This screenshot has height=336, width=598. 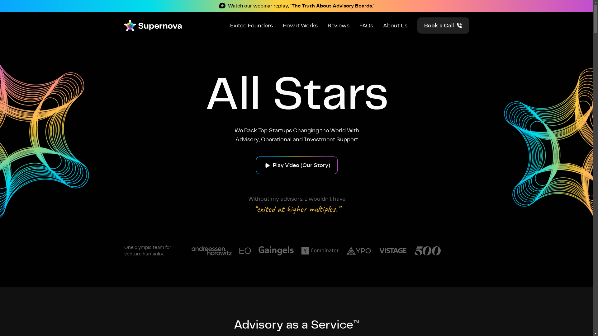 What do you see at coordinates (251, 25) in the screenshot?
I see `'Exited Founders'` at bounding box center [251, 25].